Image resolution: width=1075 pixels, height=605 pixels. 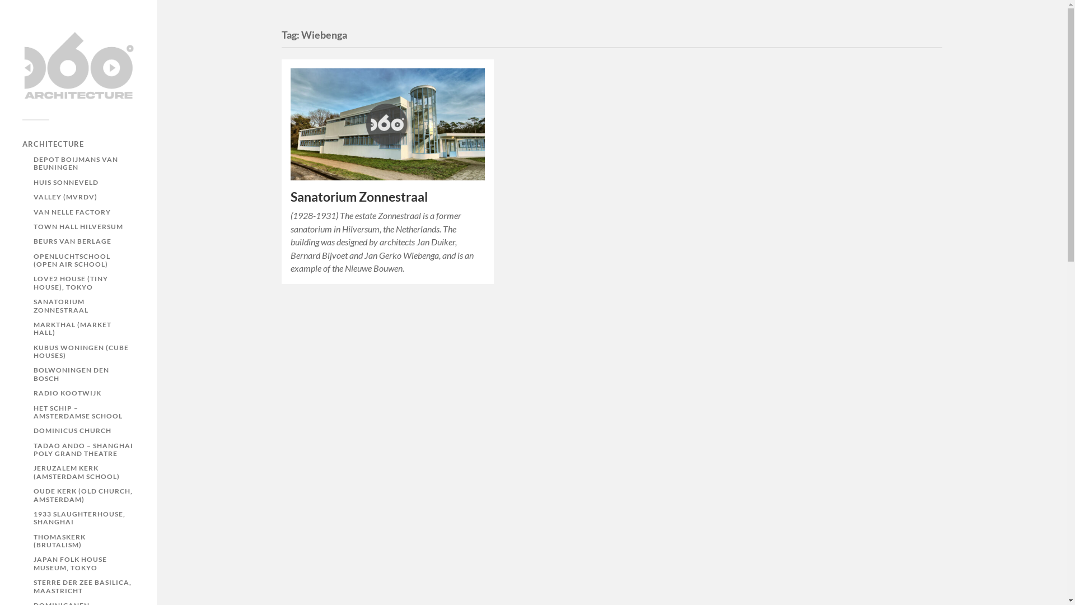 I want to click on 'OPENLUCHTSCHOOL (OPEN AIR SCHOOL)', so click(x=33, y=260).